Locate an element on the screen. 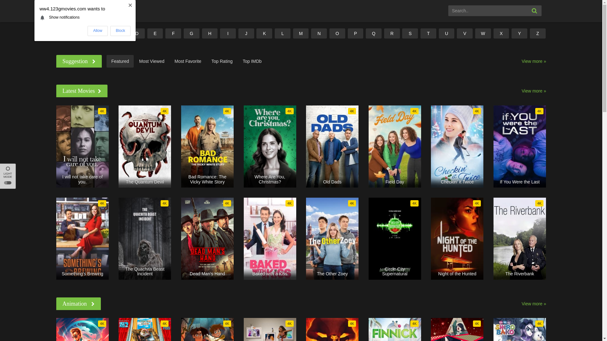  'Z' is located at coordinates (537, 33).